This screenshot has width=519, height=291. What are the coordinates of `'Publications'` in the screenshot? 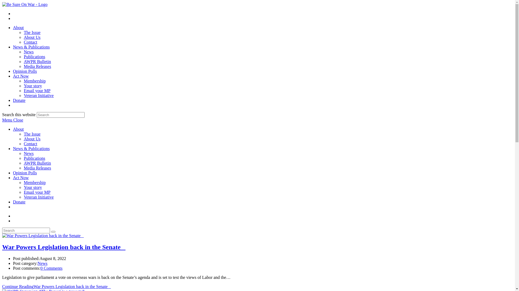 It's located at (34, 158).